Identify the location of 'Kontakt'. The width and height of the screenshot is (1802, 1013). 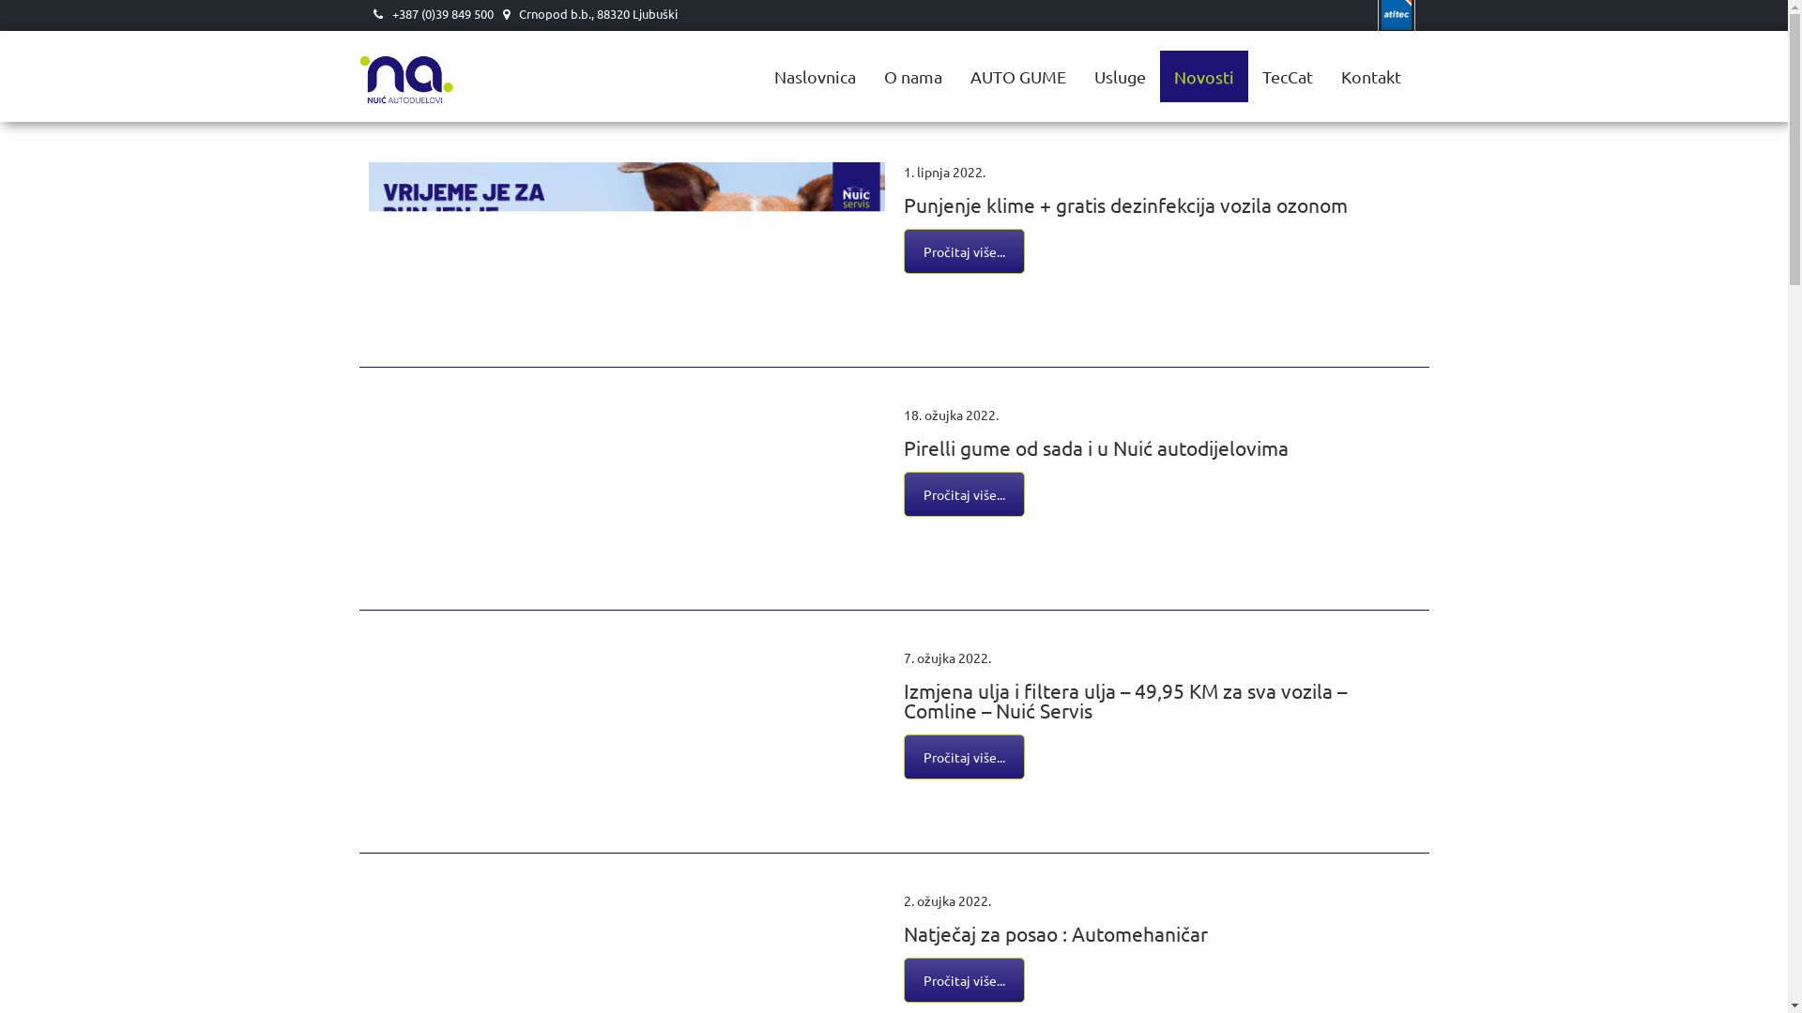
(1326, 75).